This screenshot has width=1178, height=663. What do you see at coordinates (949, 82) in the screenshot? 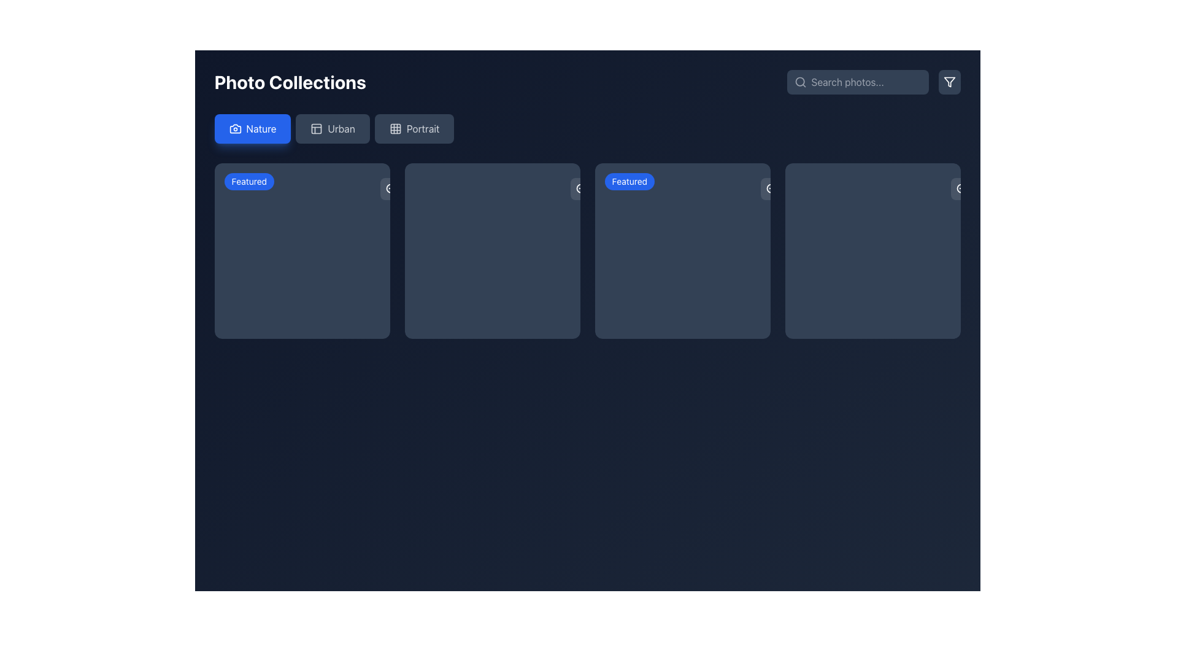
I see `the funnel icon within the rounded button in the top-right corner of the interface` at bounding box center [949, 82].